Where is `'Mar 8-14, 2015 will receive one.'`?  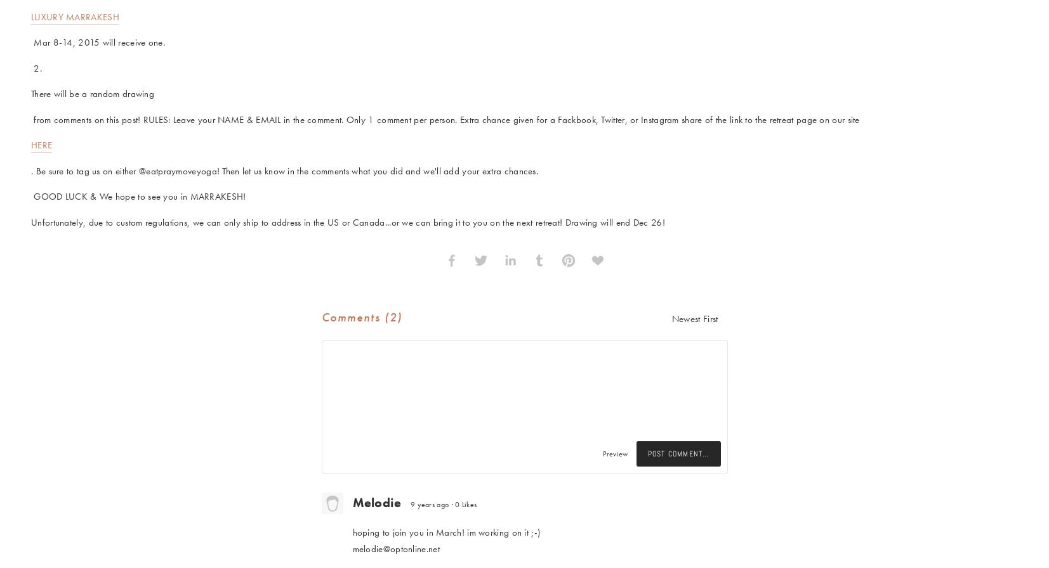 'Mar 8-14, 2015 will receive one.' is located at coordinates (97, 42).